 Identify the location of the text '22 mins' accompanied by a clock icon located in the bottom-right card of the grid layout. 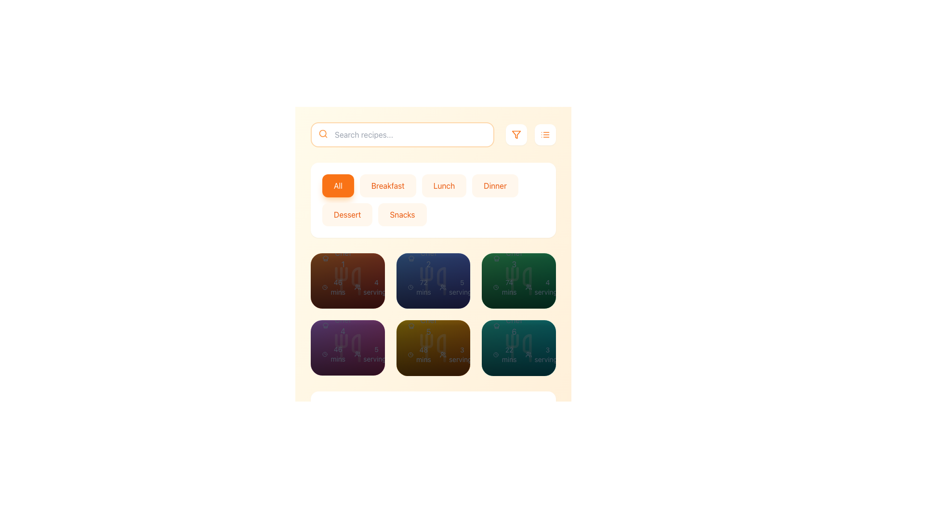
(505, 354).